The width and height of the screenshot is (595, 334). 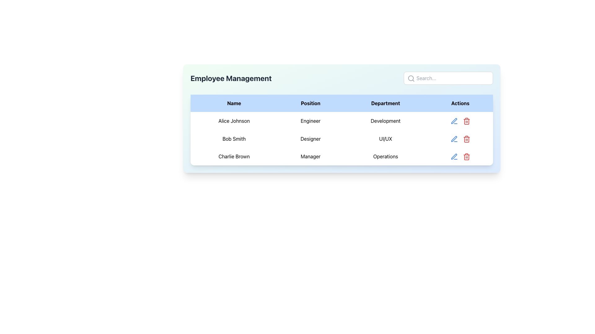 What do you see at coordinates (466, 139) in the screenshot?
I see `the red trash can icon in the Actions column of the row for 'Bob Smith'` at bounding box center [466, 139].